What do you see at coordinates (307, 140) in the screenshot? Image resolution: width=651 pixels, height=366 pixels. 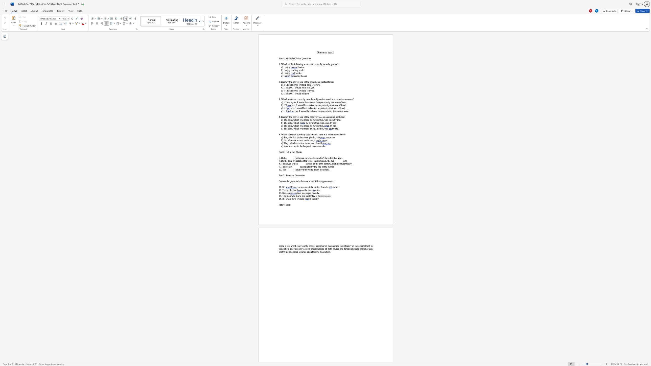 I see `the space between the continuous character "t" and "h" in the text` at bounding box center [307, 140].